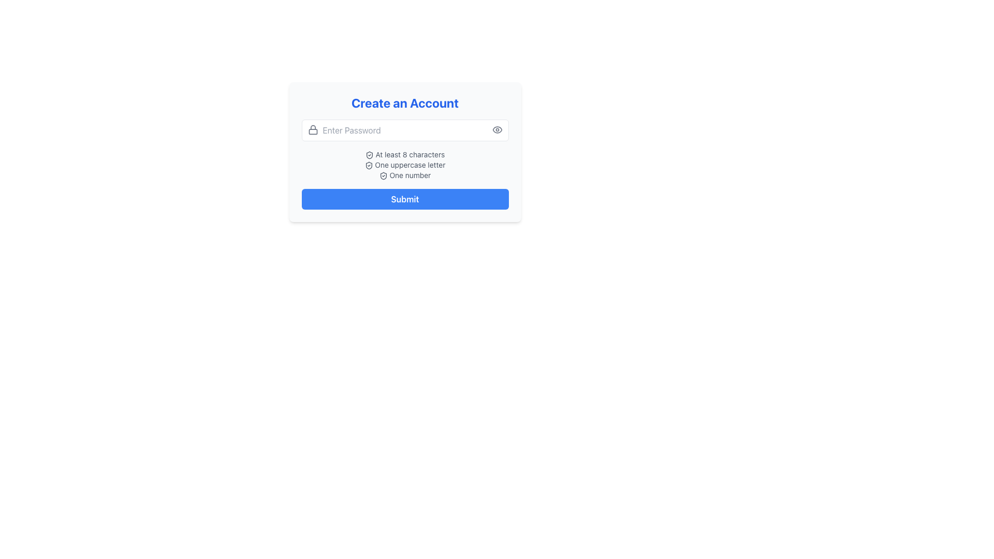 Image resolution: width=994 pixels, height=559 pixels. What do you see at coordinates (312, 129) in the screenshot?
I see `the small gray lock icon located at the far-left edge of the password input field, which has a rounded design and a visible keyhole in the center` at bounding box center [312, 129].